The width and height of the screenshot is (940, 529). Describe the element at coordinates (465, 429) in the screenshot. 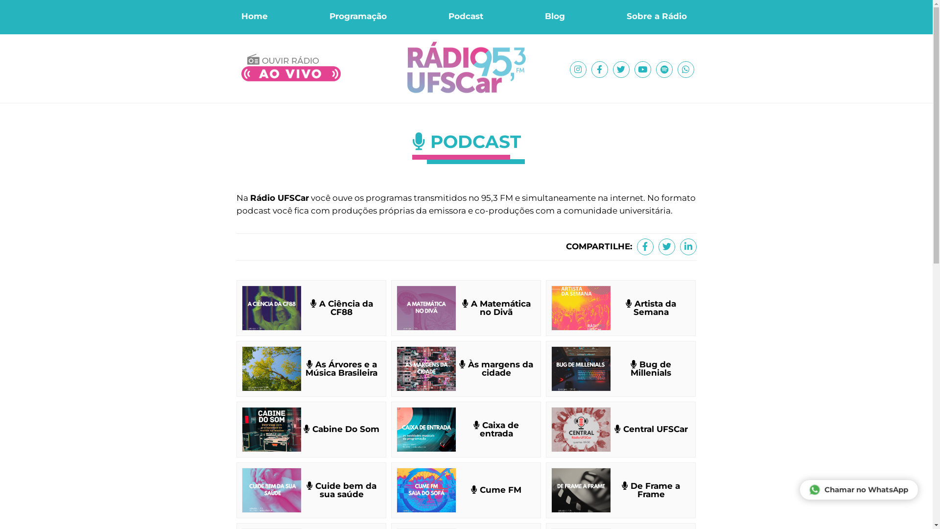

I see `'Caixa de entrada'` at that location.